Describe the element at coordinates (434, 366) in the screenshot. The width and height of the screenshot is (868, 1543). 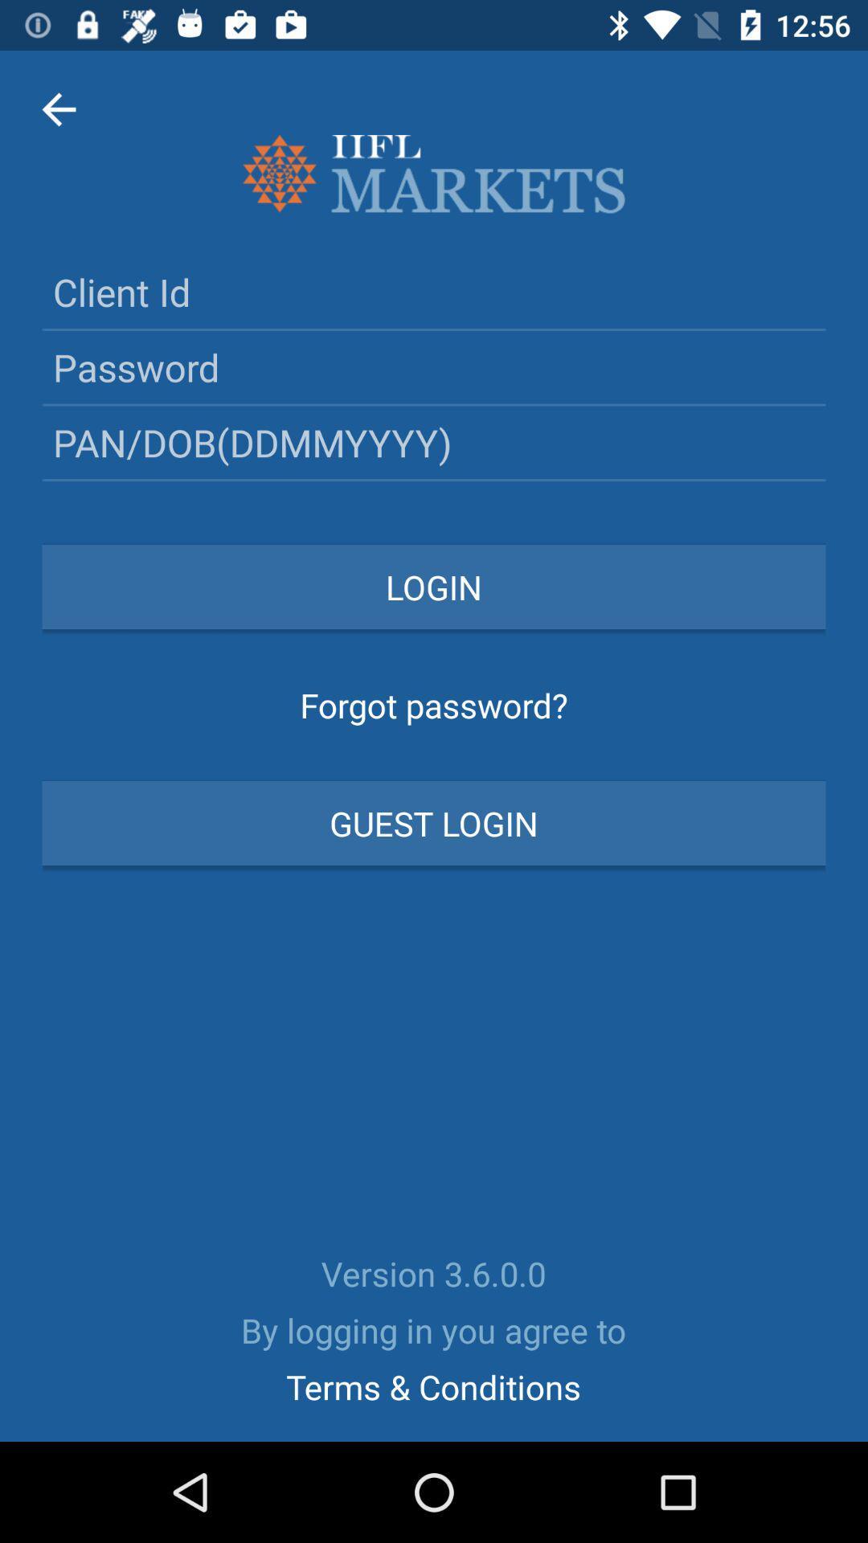
I see `the second text field` at that location.